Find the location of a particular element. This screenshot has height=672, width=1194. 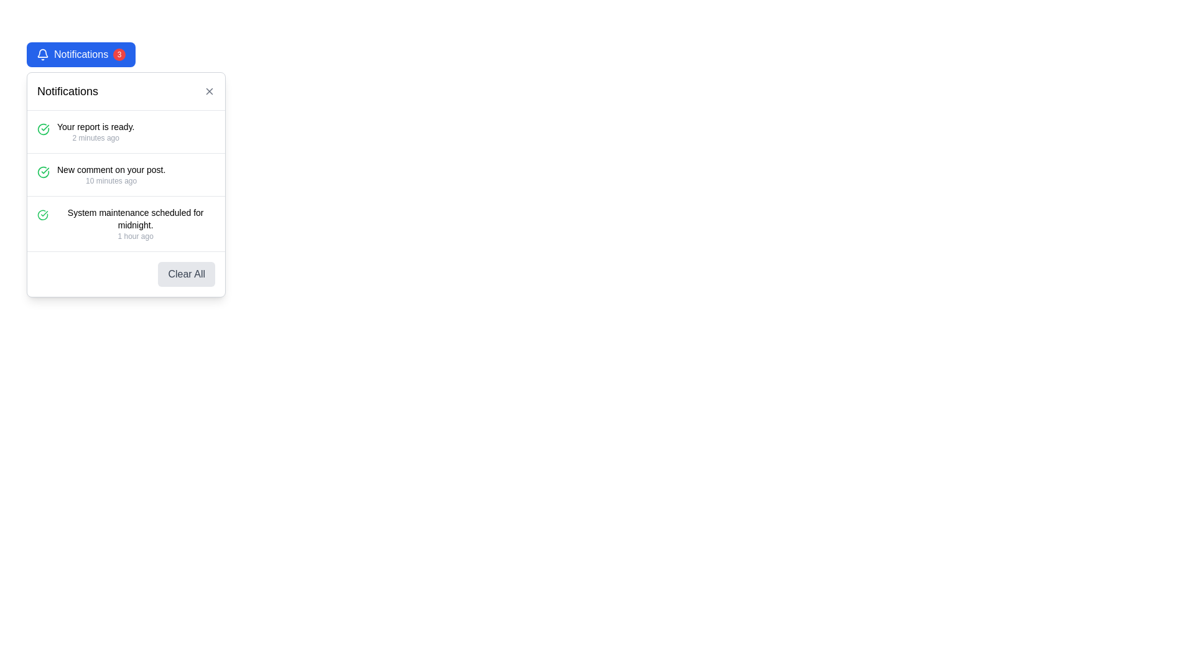

the first notification item in the modal notification panel that indicates the completion of a report is located at coordinates (126, 132).